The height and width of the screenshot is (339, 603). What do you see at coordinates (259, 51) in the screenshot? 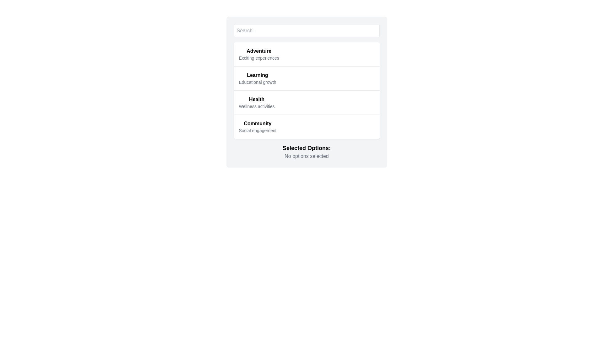
I see `the bold text label element that reads 'Adventure', located at the top of a card above the subtitle 'Exciting experiences'` at bounding box center [259, 51].